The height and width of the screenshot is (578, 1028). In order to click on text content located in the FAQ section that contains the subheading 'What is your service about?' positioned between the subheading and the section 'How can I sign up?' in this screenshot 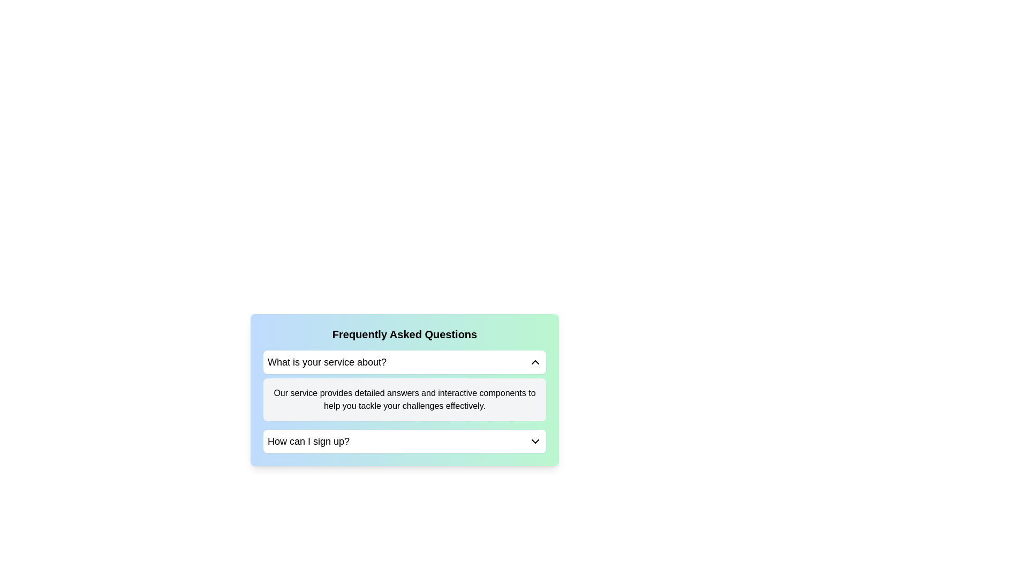, I will do `click(404, 402)`.